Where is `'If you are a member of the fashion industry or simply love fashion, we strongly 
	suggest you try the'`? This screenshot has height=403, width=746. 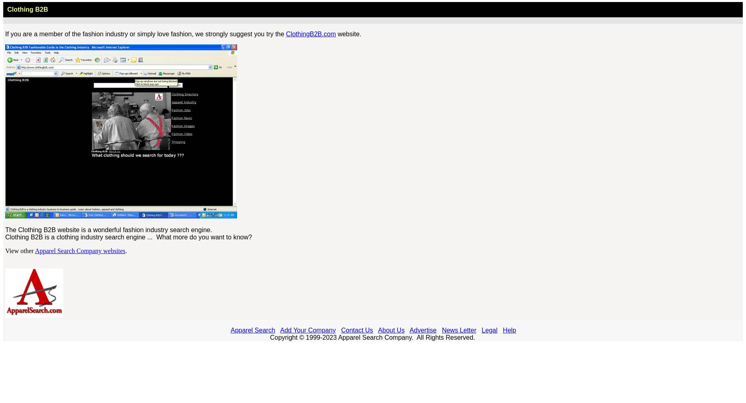
'If you are a member of the fashion industry or simply love fashion, we strongly 
	suggest you try the' is located at coordinates (145, 33).